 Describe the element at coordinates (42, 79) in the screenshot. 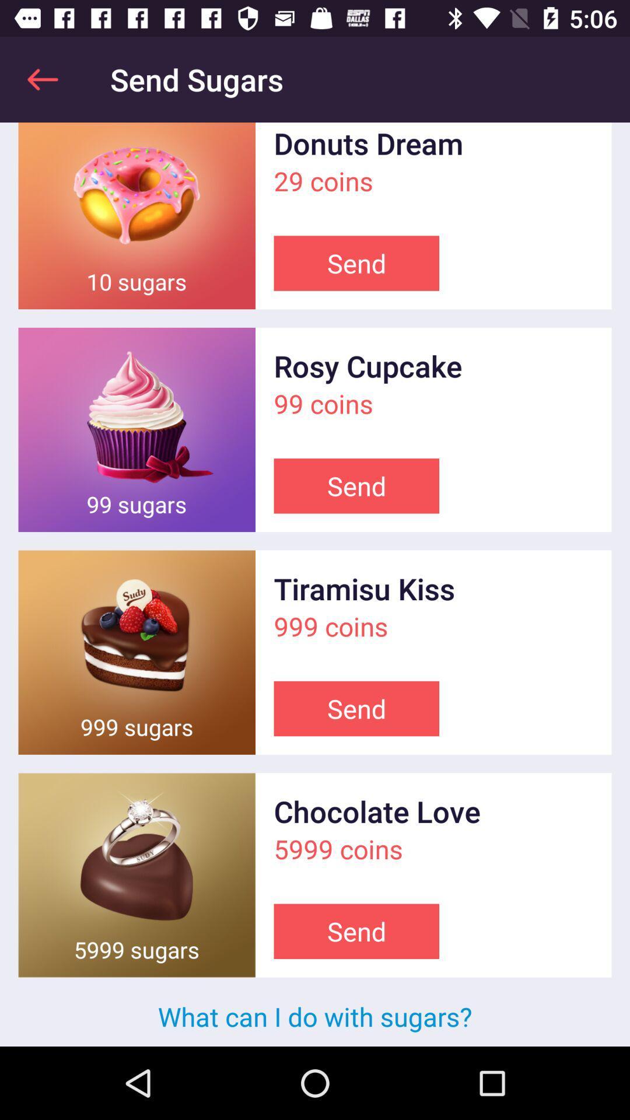

I see `the item to the left of the send sugars app` at that location.